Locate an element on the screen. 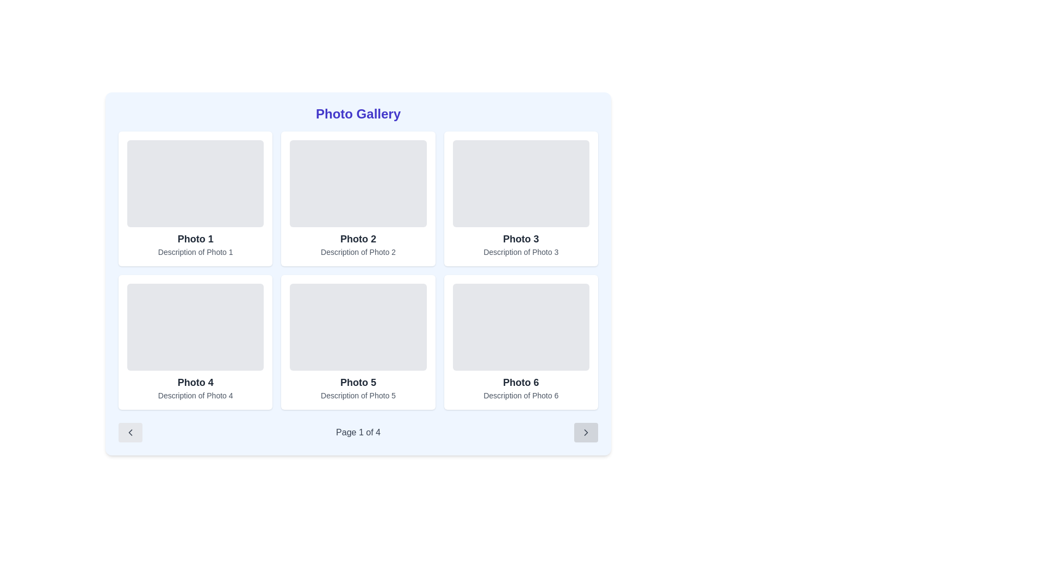 Image resolution: width=1044 pixels, height=587 pixels. the text label that reads 'Photo 2', which is styled with a bold font and dark gray color against a white background is located at coordinates (358, 238).